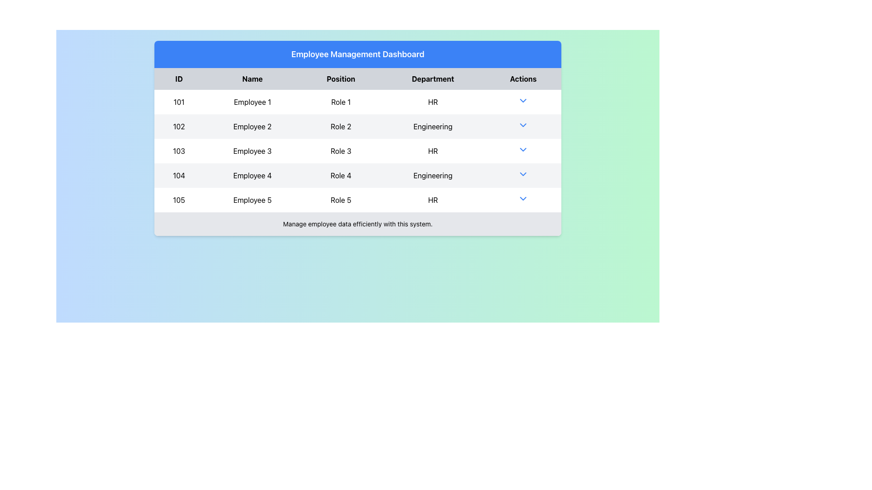 This screenshot has height=490, width=872. I want to click on the dropdown toggle button in the 'Actions' column for 'Employee 2' in the second row of the table, so click(523, 125).